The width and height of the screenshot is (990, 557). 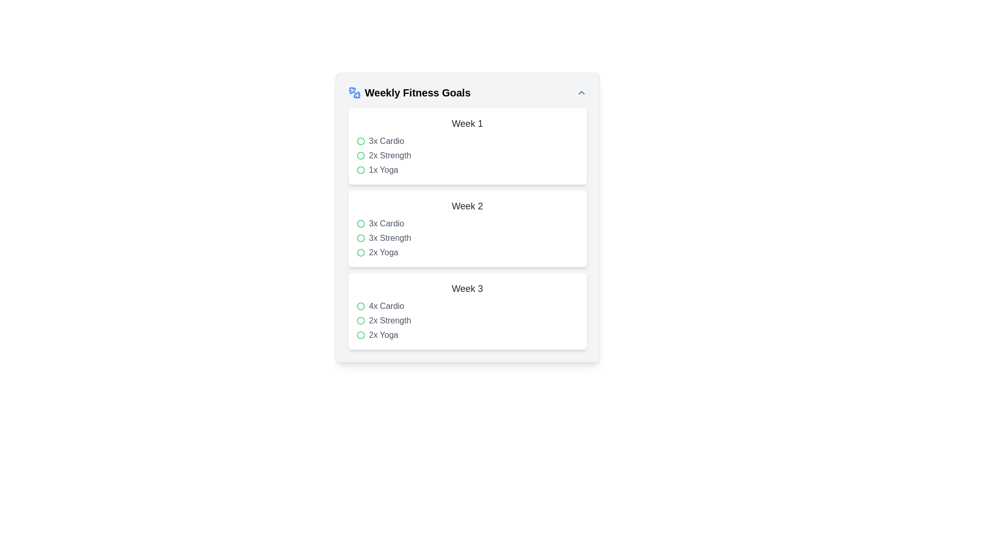 What do you see at coordinates (467, 123) in the screenshot?
I see `the text label 'Week 1' which is styled in gray and serves as the heading for the weekly goals section` at bounding box center [467, 123].